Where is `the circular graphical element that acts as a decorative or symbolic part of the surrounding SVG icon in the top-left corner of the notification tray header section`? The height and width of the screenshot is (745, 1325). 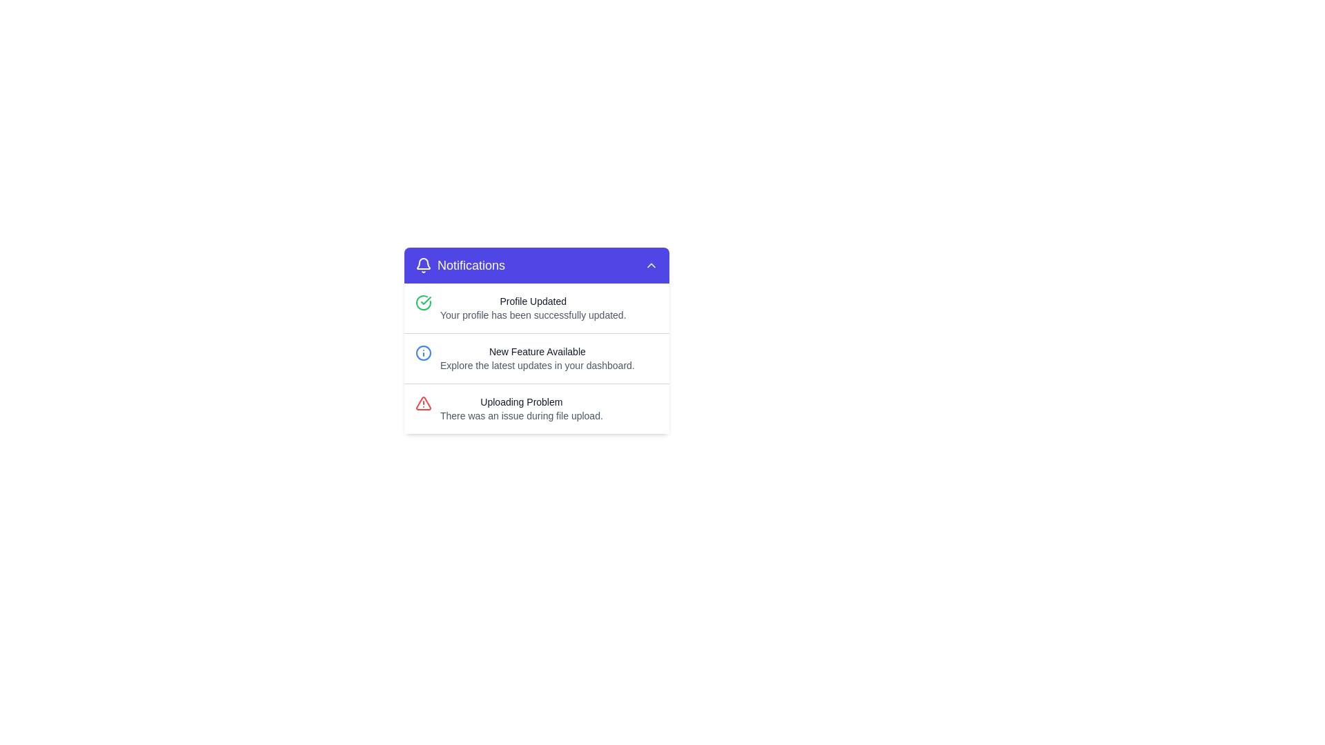 the circular graphical element that acts as a decorative or symbolic part of the surrounding SVG icon in the top-left corner of the notification tray header section is located at coordinates (423, 352).